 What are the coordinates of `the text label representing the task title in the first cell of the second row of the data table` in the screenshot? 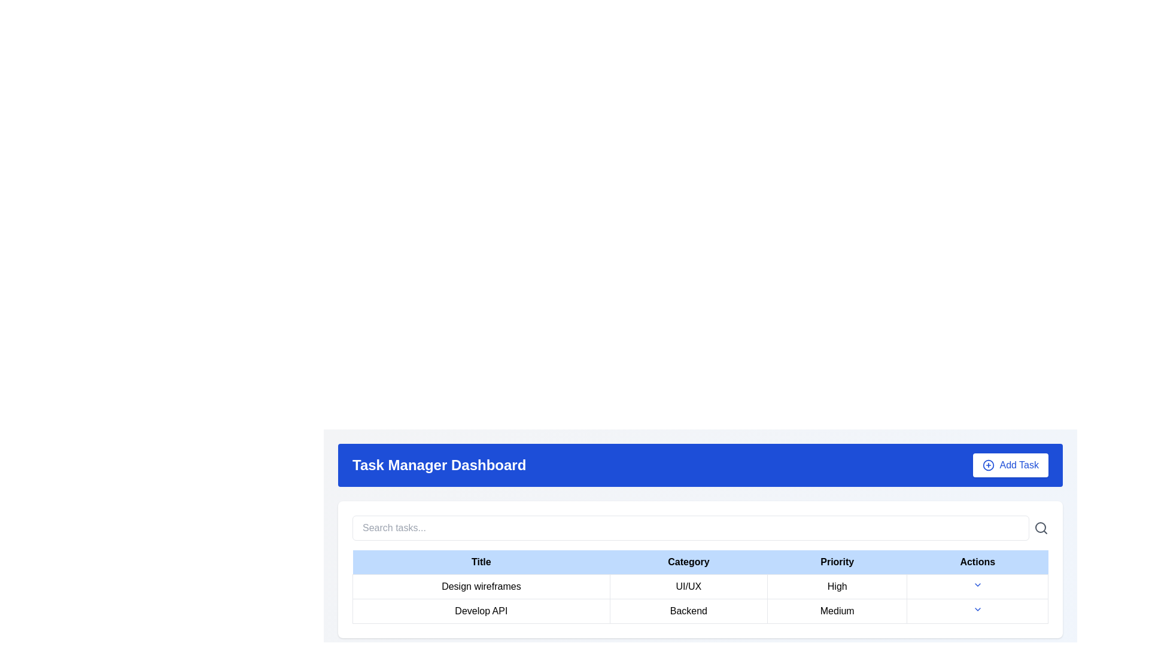 It's located at (481, 611).